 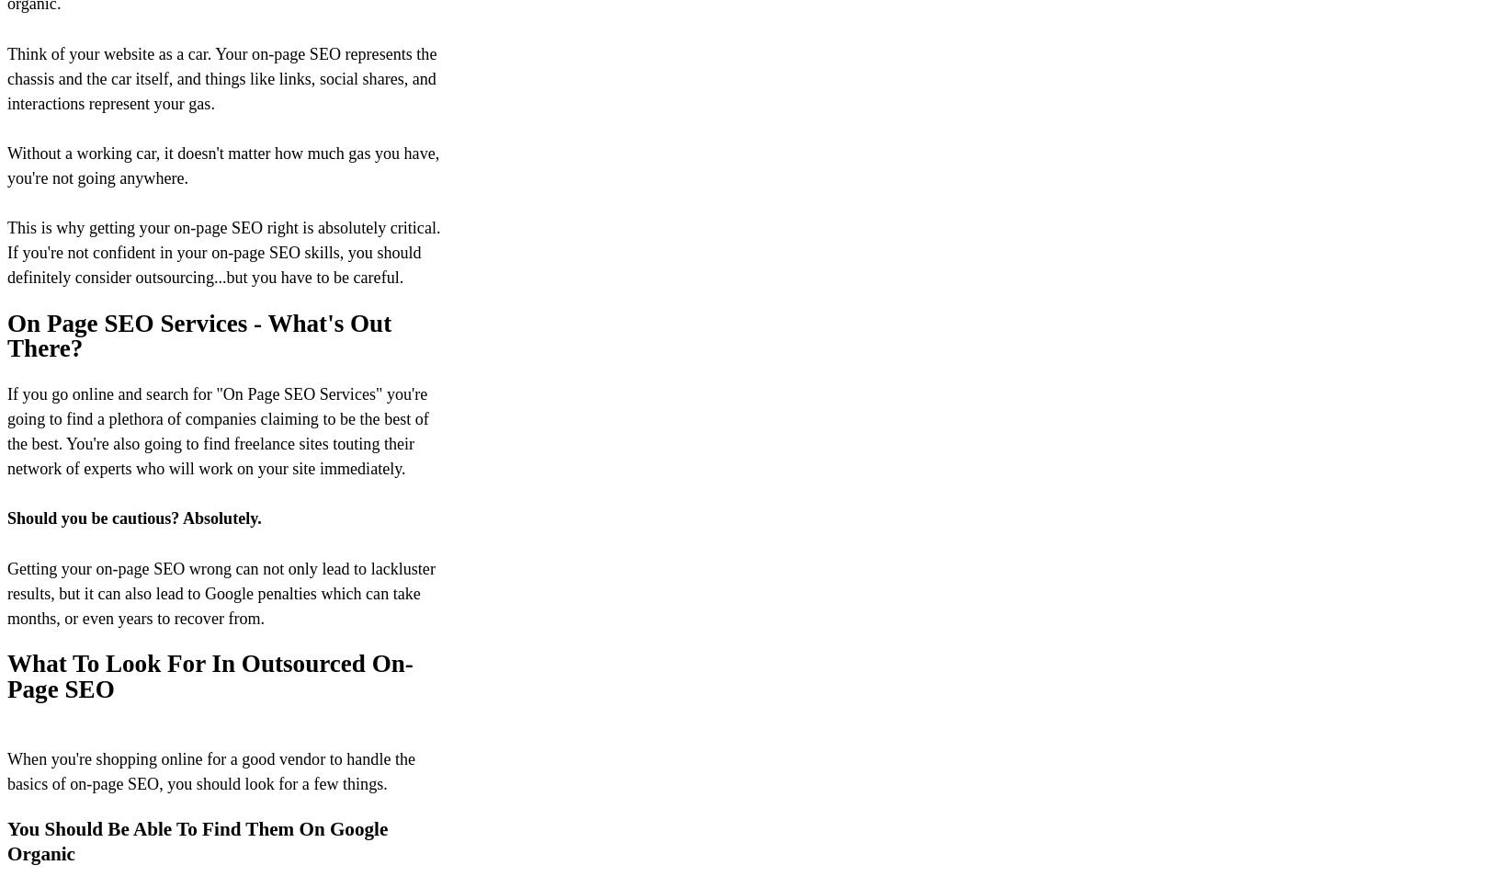 I want to click on 'On Page SEO Services - What's Out There?', so click(x=199, y=335).